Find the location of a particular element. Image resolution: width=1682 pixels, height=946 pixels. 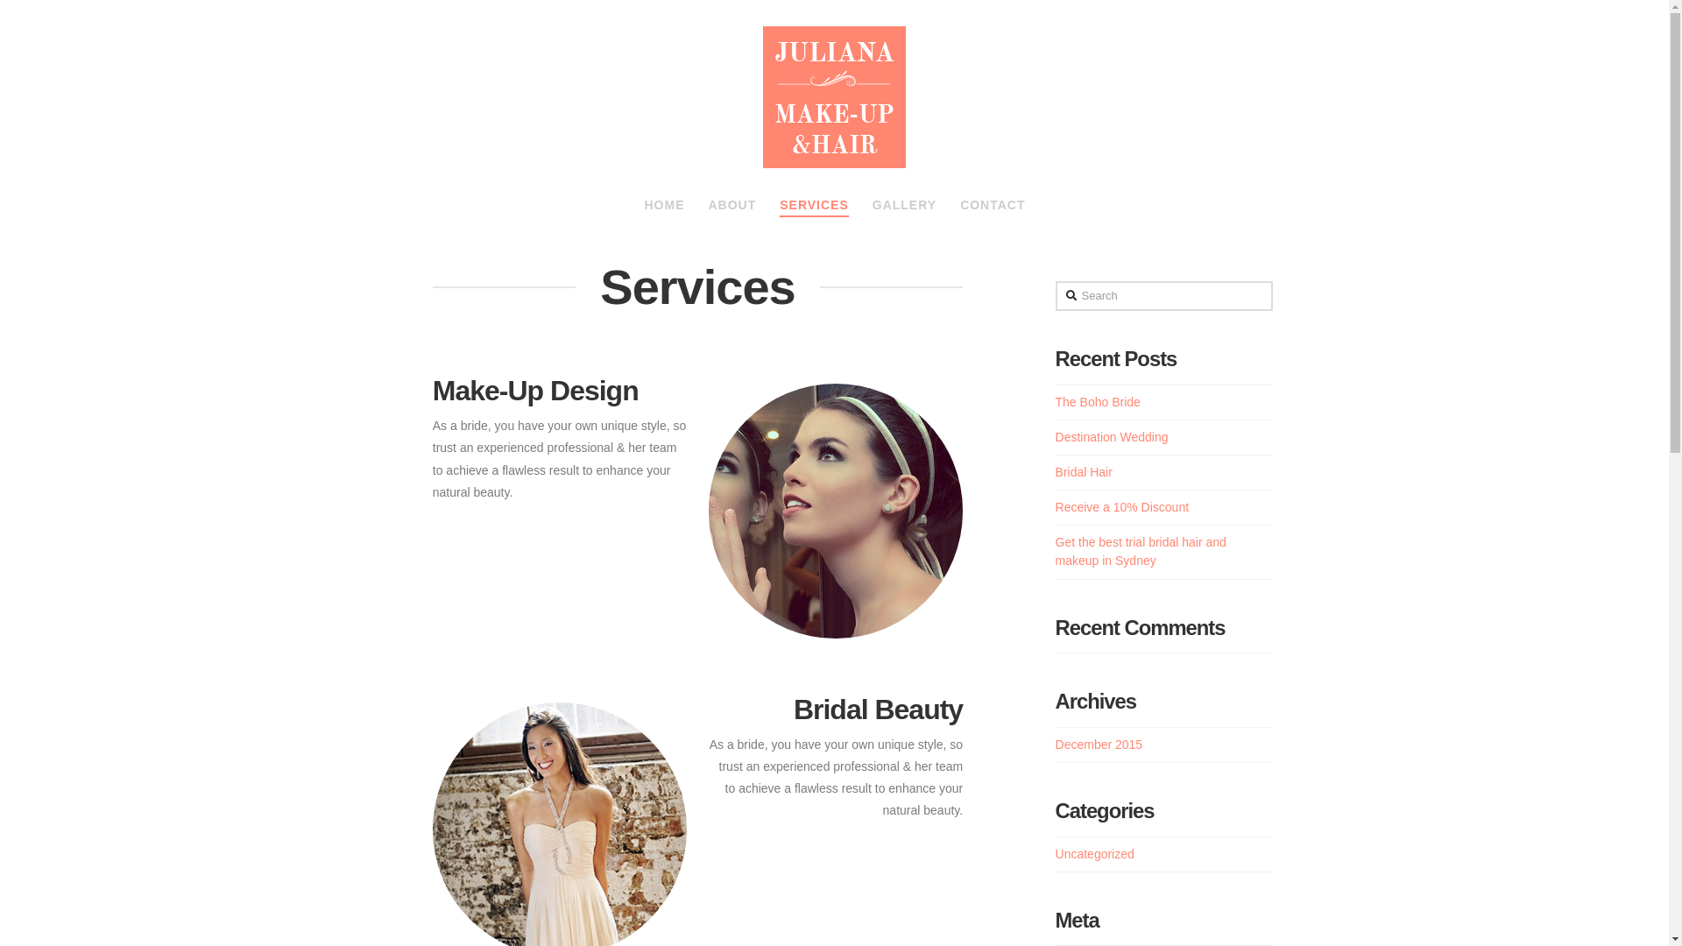

'Get the best trial bridal hair and makeup in Sydney' is located at coordinates (1141, 550).